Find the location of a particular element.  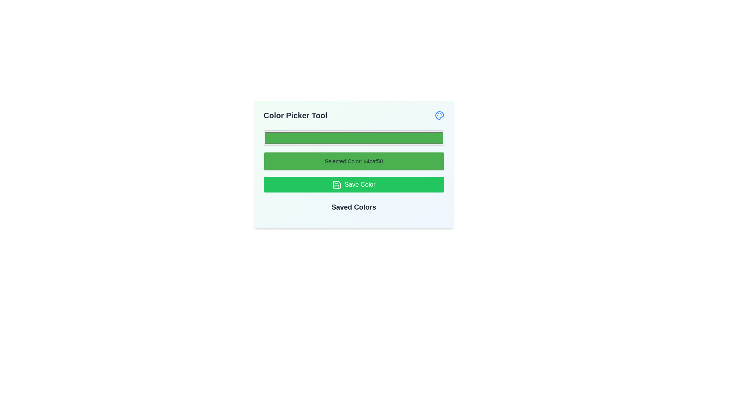

the color picker icon located in the top-right corner of the 'Color Picker Tool' panel is located at coordinates (439, 115).